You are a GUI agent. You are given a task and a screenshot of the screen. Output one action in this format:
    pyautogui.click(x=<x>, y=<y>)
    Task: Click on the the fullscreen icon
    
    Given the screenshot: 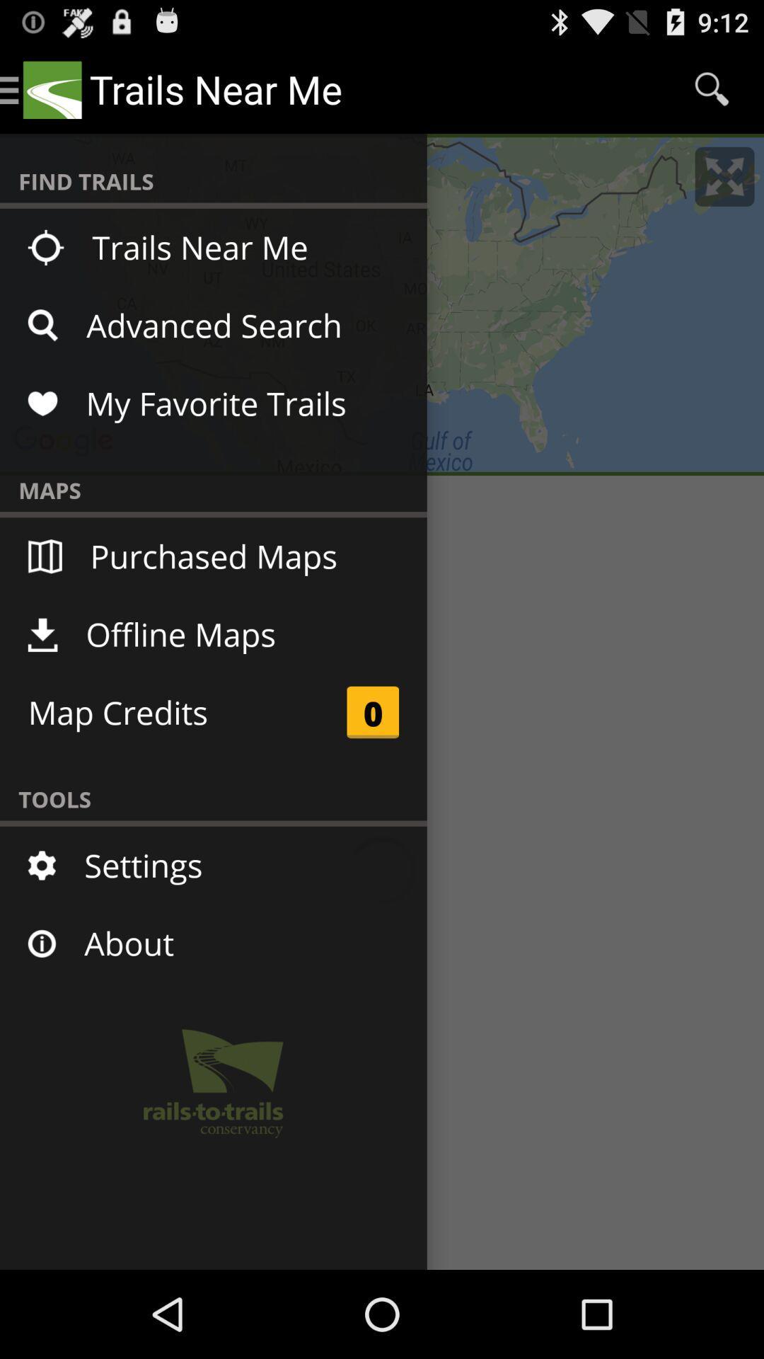 What is the action you would take?
    pyautogui.click(x=724, y=188)
    